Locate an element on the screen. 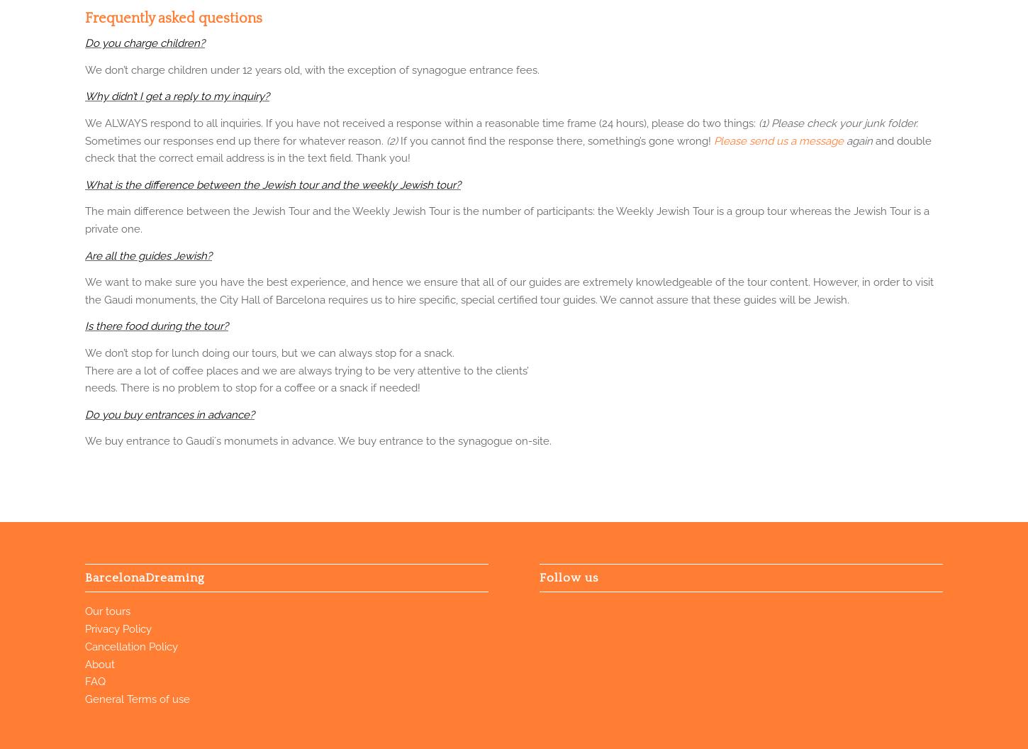  '(1) Please check your junk folder.' is located at coordinates (837, 122).